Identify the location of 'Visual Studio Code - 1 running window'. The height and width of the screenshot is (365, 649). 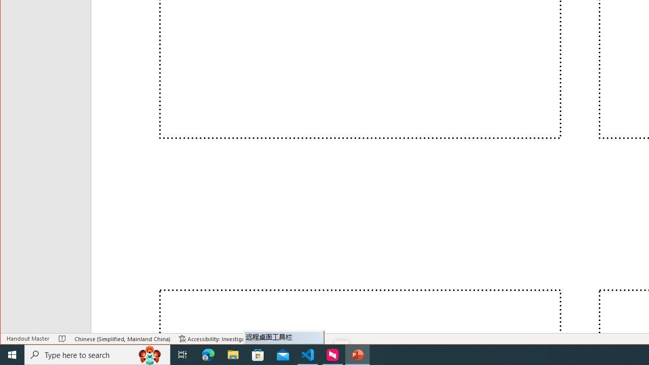
(307, 354).